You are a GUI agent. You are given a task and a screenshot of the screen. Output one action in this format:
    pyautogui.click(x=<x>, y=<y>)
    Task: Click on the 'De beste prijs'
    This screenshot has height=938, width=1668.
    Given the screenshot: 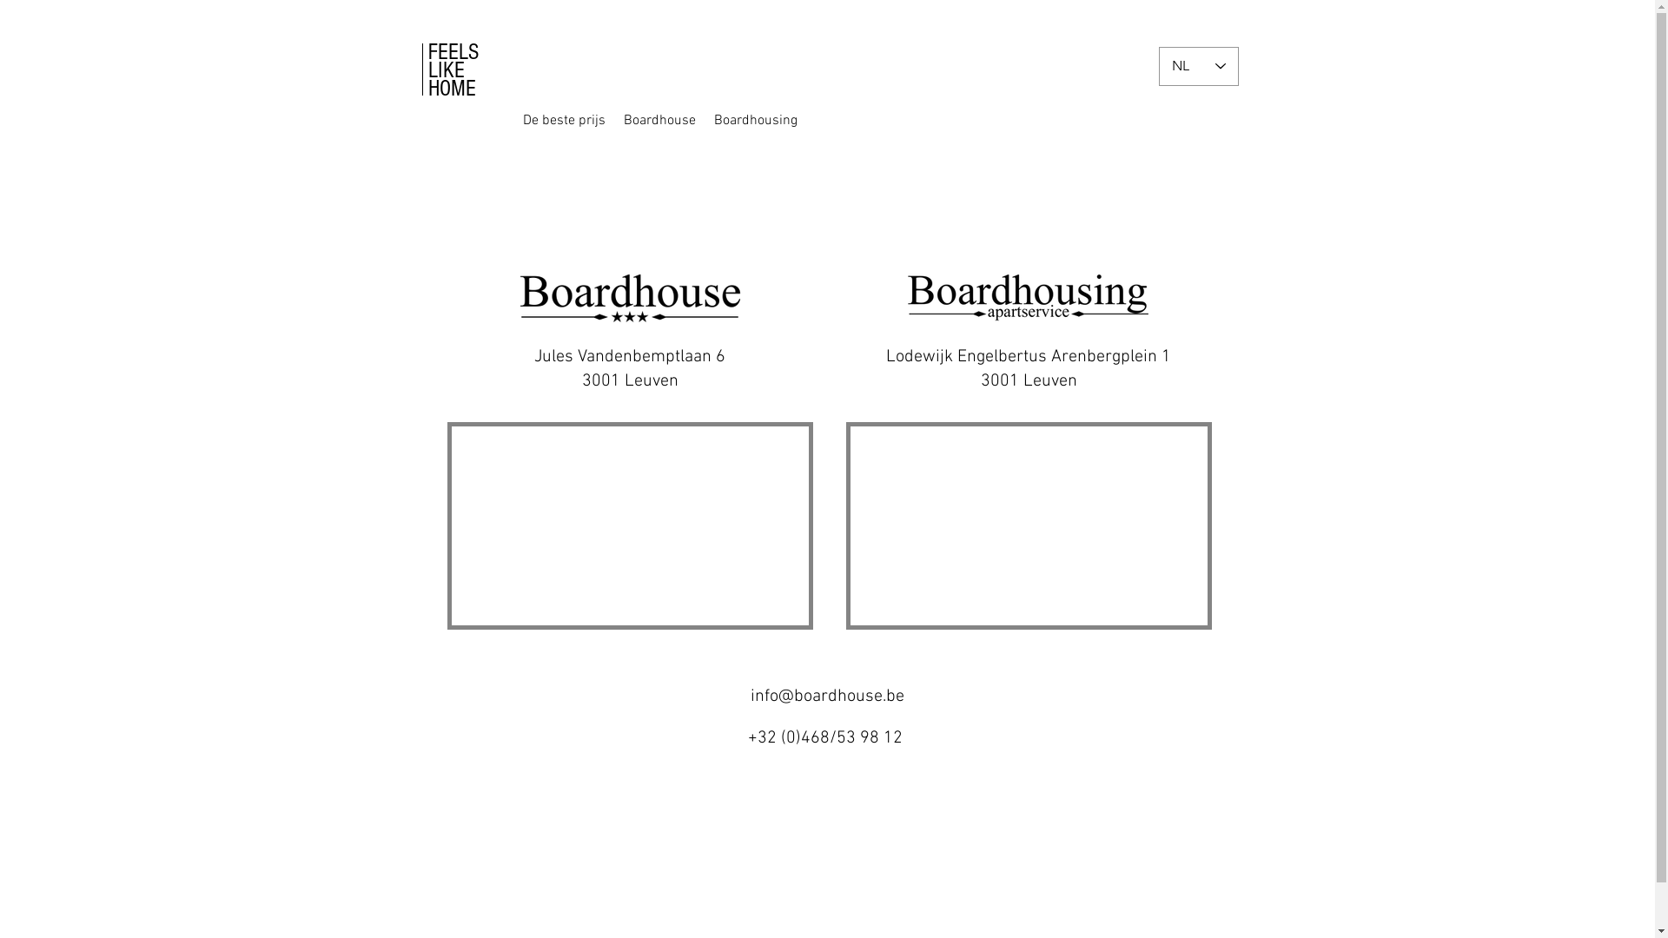 What is the action you would take?
    pyautogui.click(x=515, y=119)
    